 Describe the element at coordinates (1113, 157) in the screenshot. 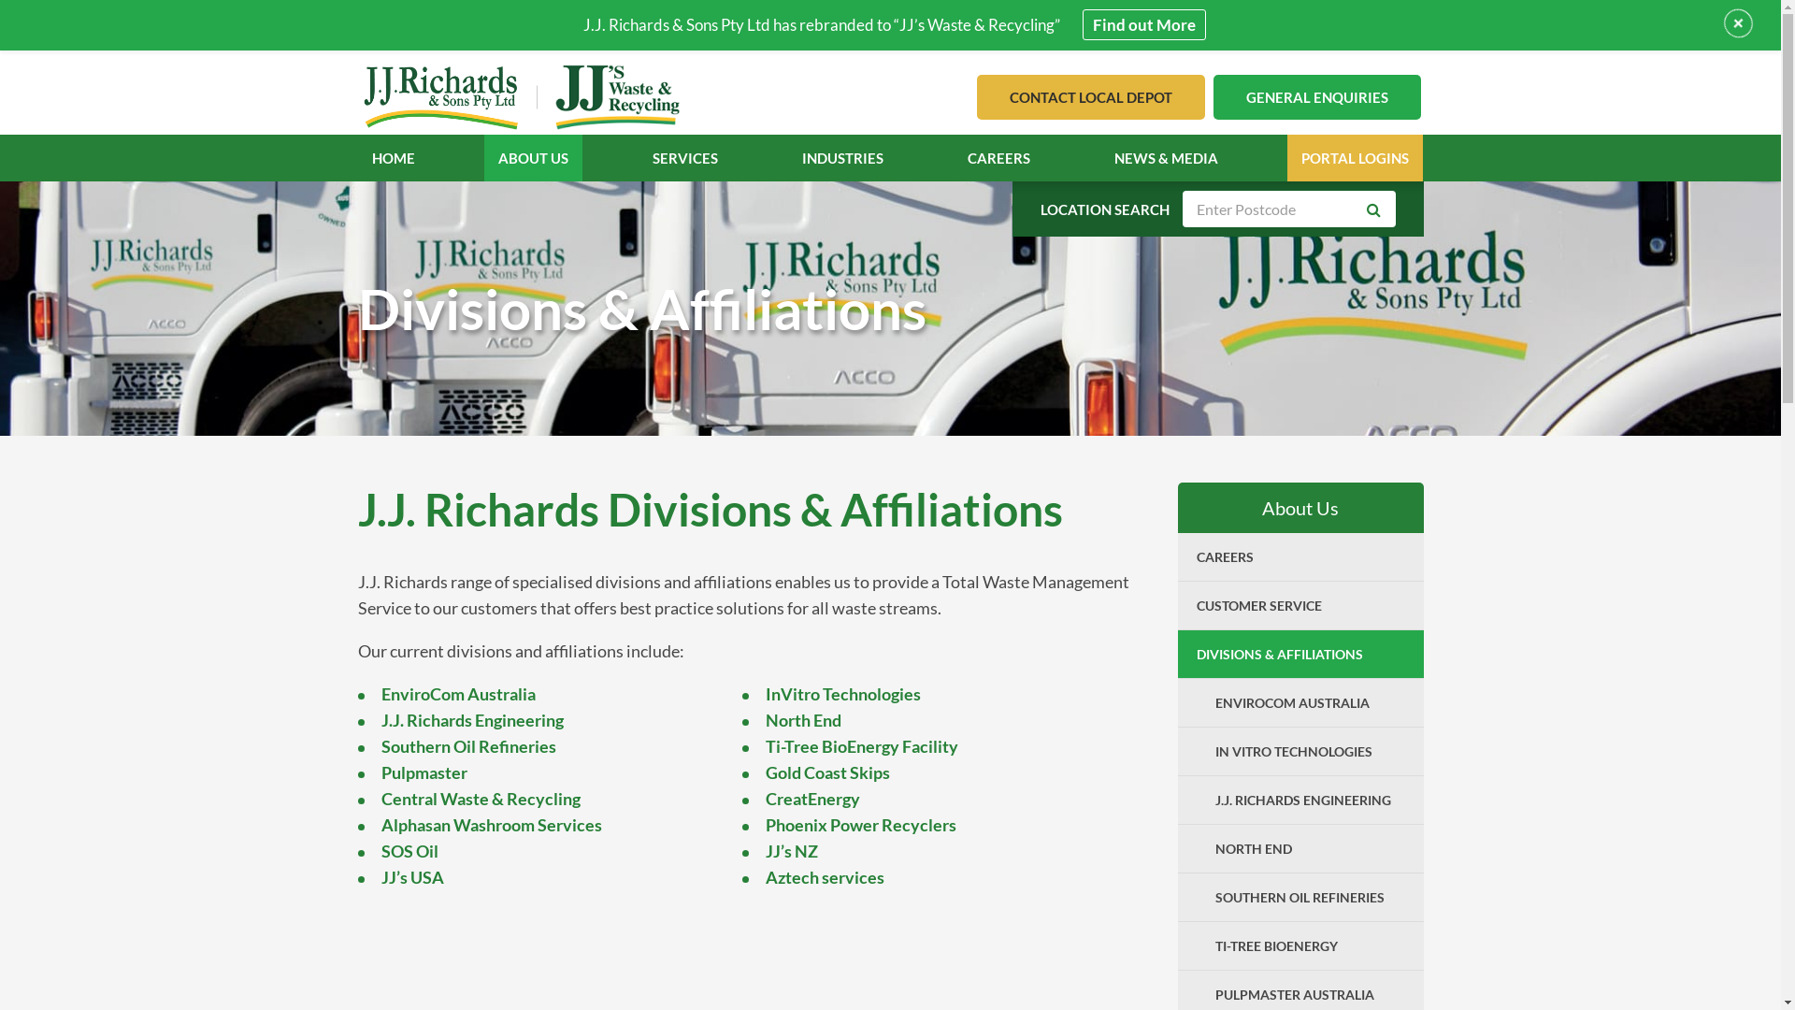

I see `'NEWS & MEDIA'` at that location.